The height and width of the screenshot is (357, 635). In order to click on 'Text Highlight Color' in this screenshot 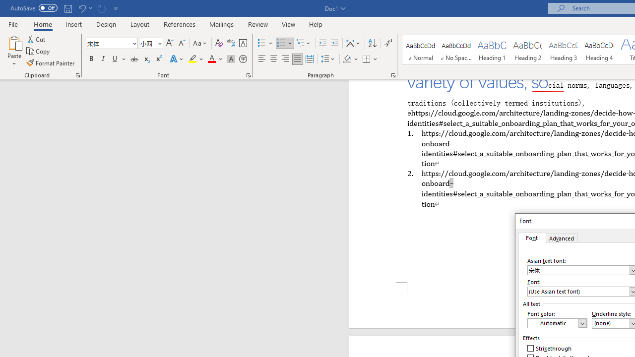, I will do `click(196, 59)`.